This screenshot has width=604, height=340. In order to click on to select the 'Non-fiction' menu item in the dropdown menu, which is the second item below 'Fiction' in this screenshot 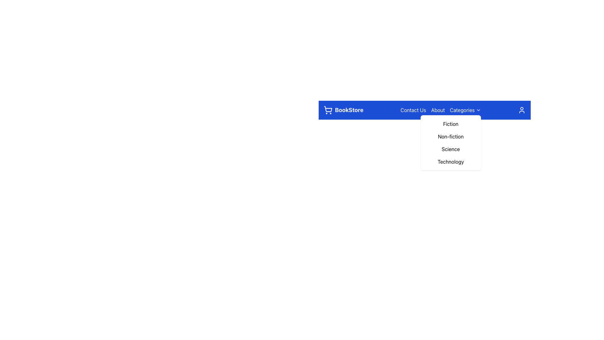, I will do `click(450, 136)`.